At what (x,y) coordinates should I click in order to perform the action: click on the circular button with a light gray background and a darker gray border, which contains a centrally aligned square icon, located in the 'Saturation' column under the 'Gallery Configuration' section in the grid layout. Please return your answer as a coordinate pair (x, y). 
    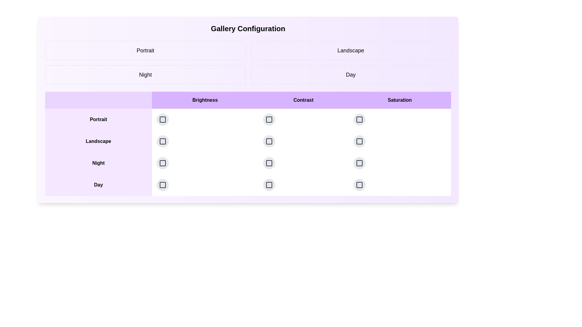
    Looking at the image, I should click on (359, 119).